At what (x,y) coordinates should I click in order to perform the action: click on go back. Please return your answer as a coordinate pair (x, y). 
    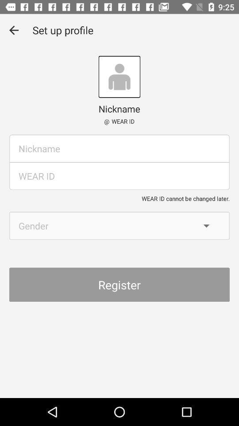
    Looking at the image, I should click on (13, 30).